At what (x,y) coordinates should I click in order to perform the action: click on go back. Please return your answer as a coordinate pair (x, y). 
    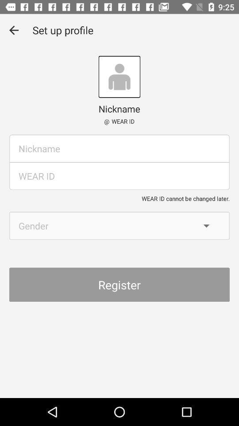
    Looking at the image, I should click on (13, 30).